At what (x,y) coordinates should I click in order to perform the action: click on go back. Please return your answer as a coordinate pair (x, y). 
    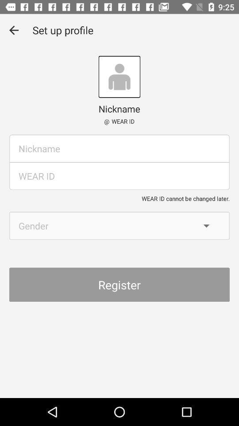
    Looking at the image, I should click on (13, 30).